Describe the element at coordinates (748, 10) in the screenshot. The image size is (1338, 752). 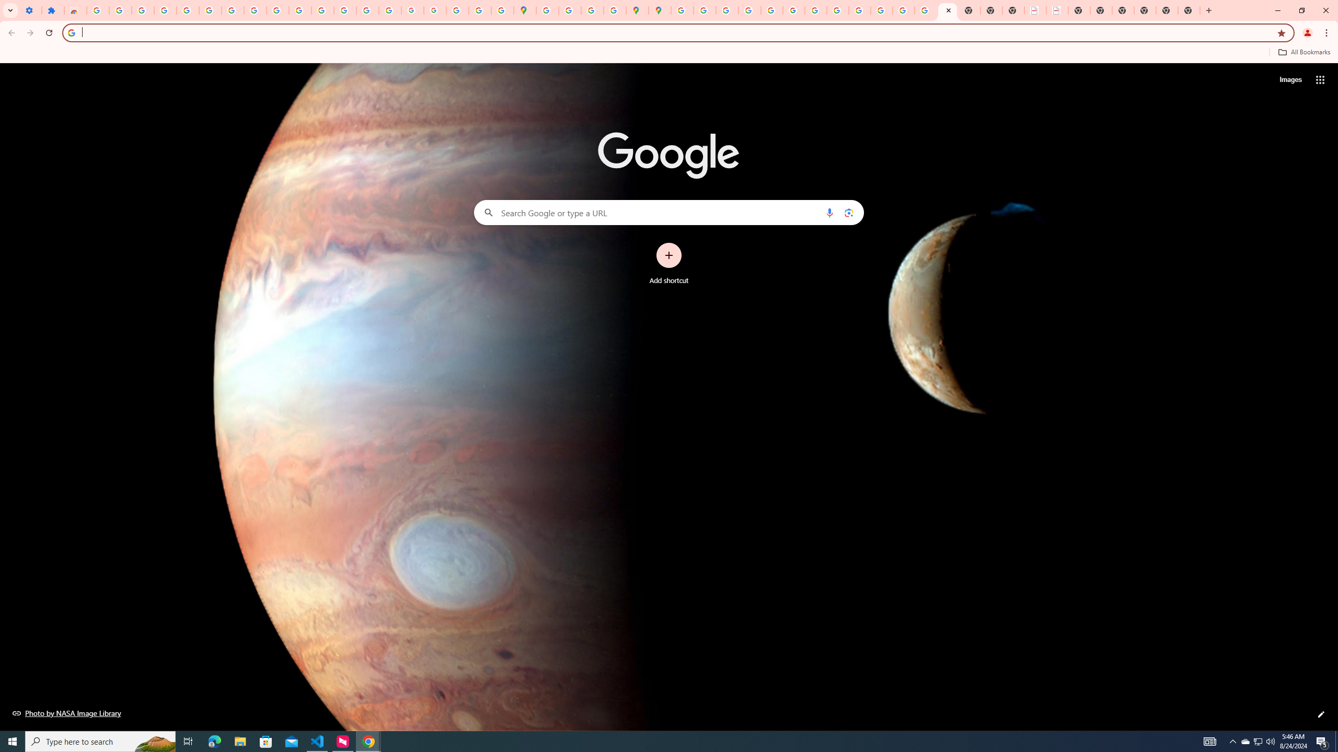
I see `'Privacy Help Center - Policies Help'` at that location.